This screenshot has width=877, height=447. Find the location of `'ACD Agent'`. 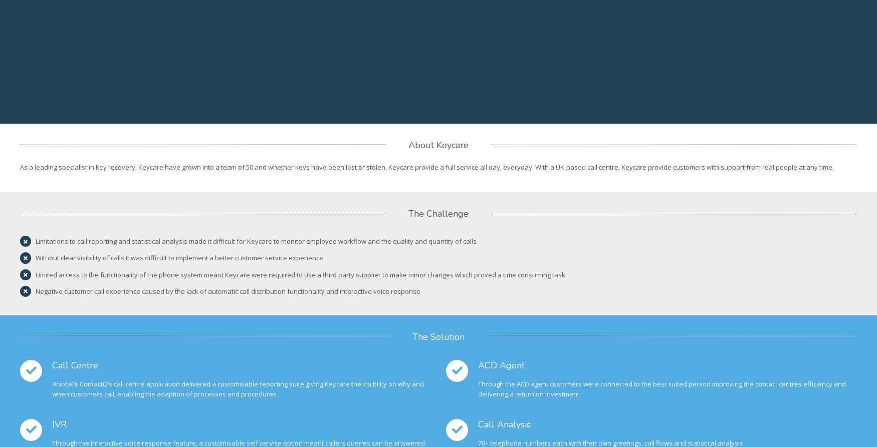

'ACD Agent' is located at coordinates (501, 365).